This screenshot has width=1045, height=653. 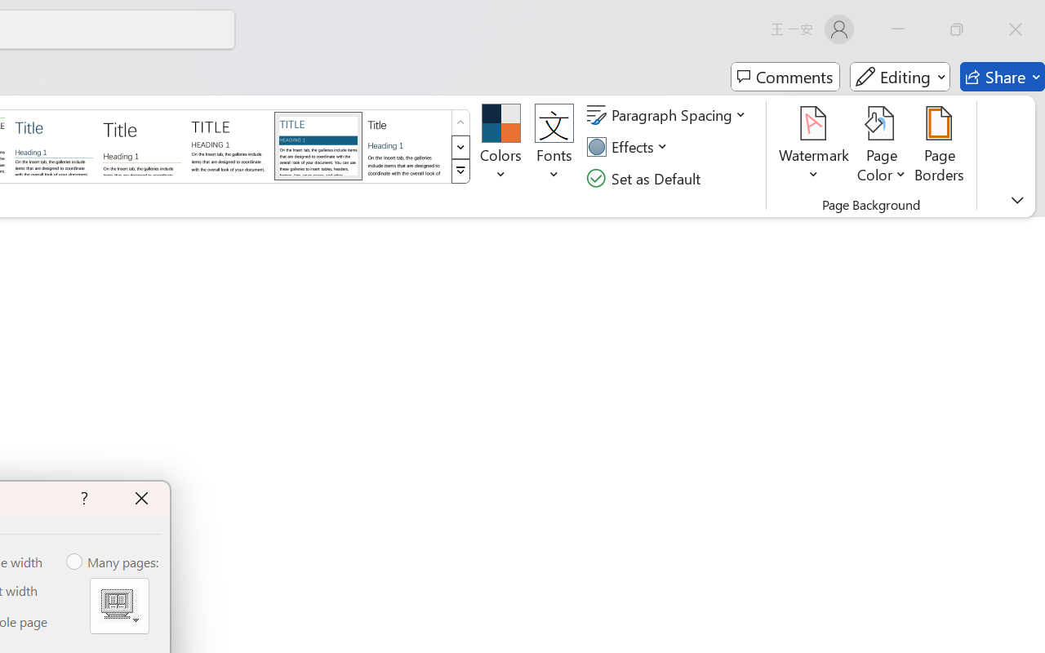 What do you see at coordinates (460, 171) in the screenshot?
I see `'Style Set'` at bounding box center [460, 171].